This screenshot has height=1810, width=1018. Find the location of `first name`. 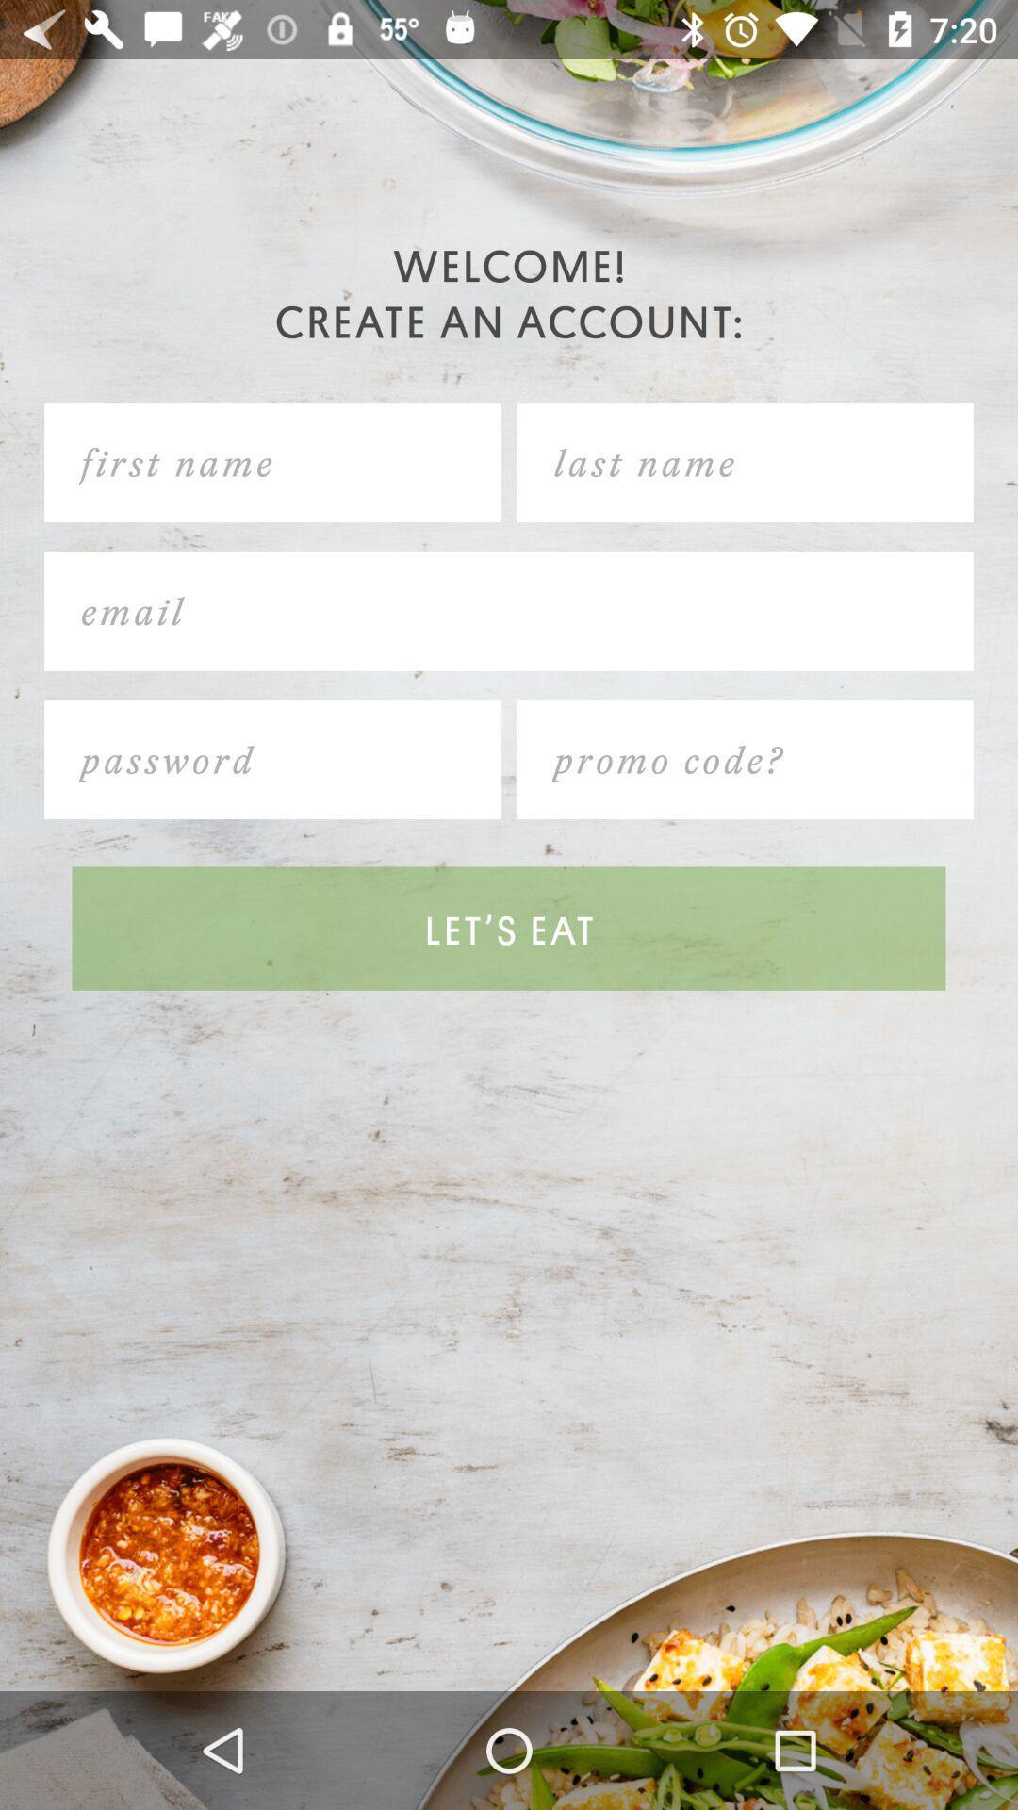

first name is located at coordinates (272, 463).